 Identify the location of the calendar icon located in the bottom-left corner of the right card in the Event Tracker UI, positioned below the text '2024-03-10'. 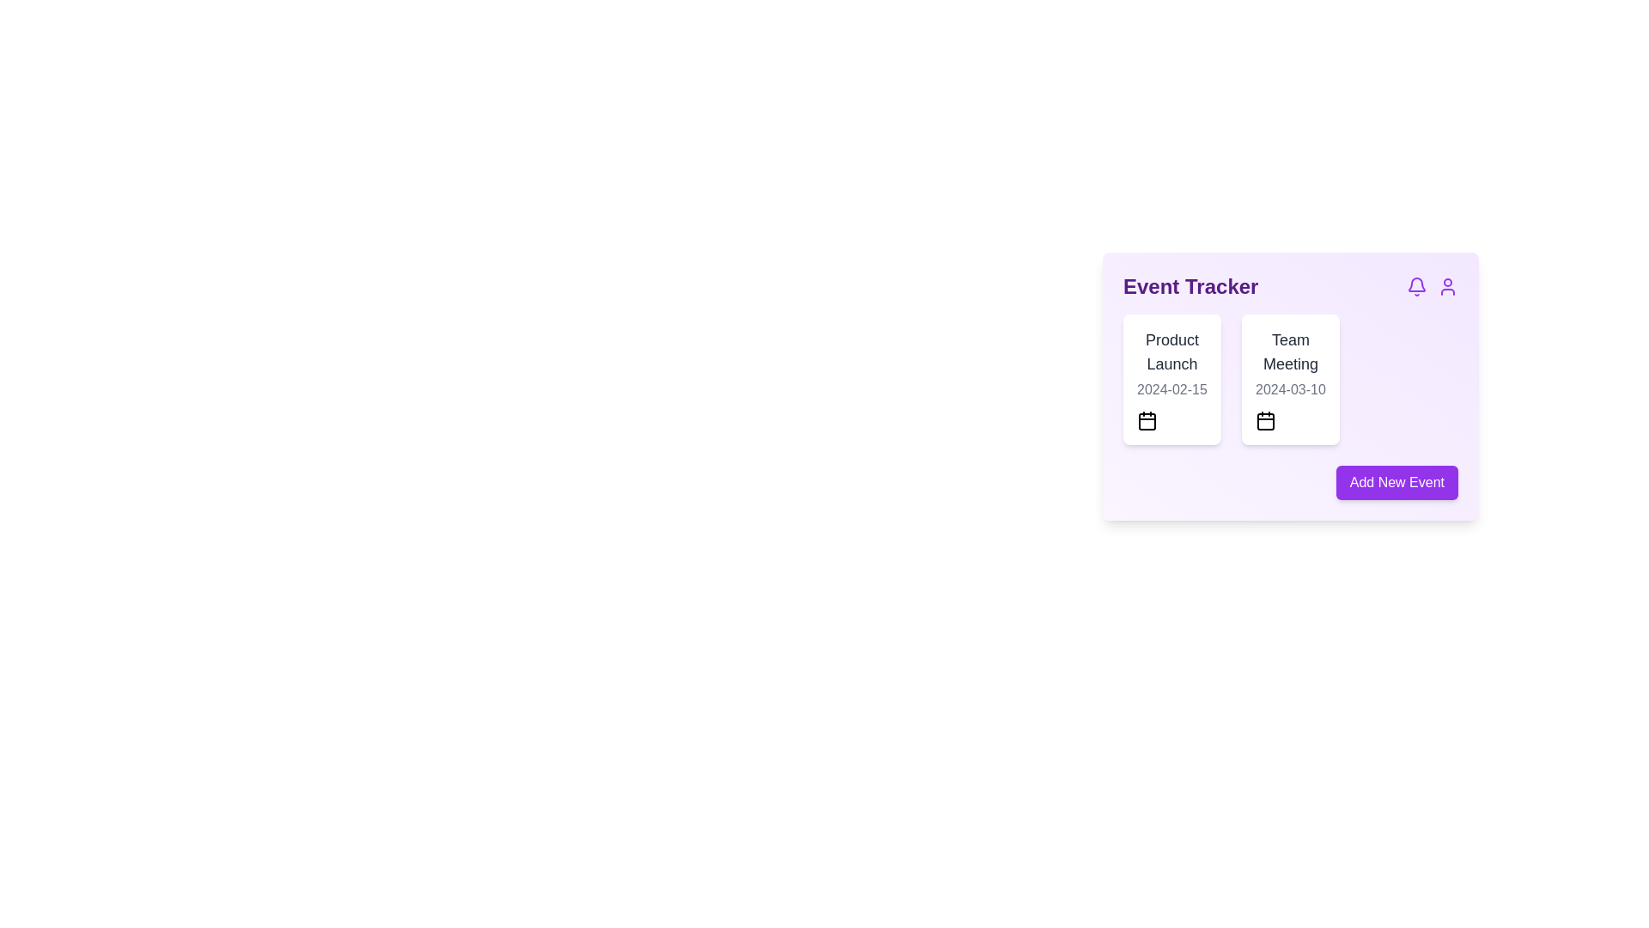
(1265, 421).